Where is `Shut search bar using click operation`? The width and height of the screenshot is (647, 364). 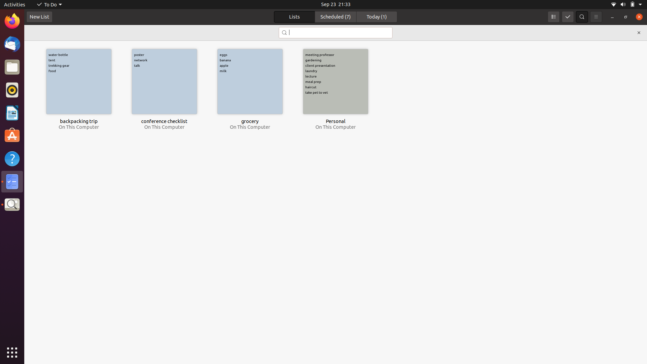 Shut search bar using click operation is located at coordinates (638, 32).